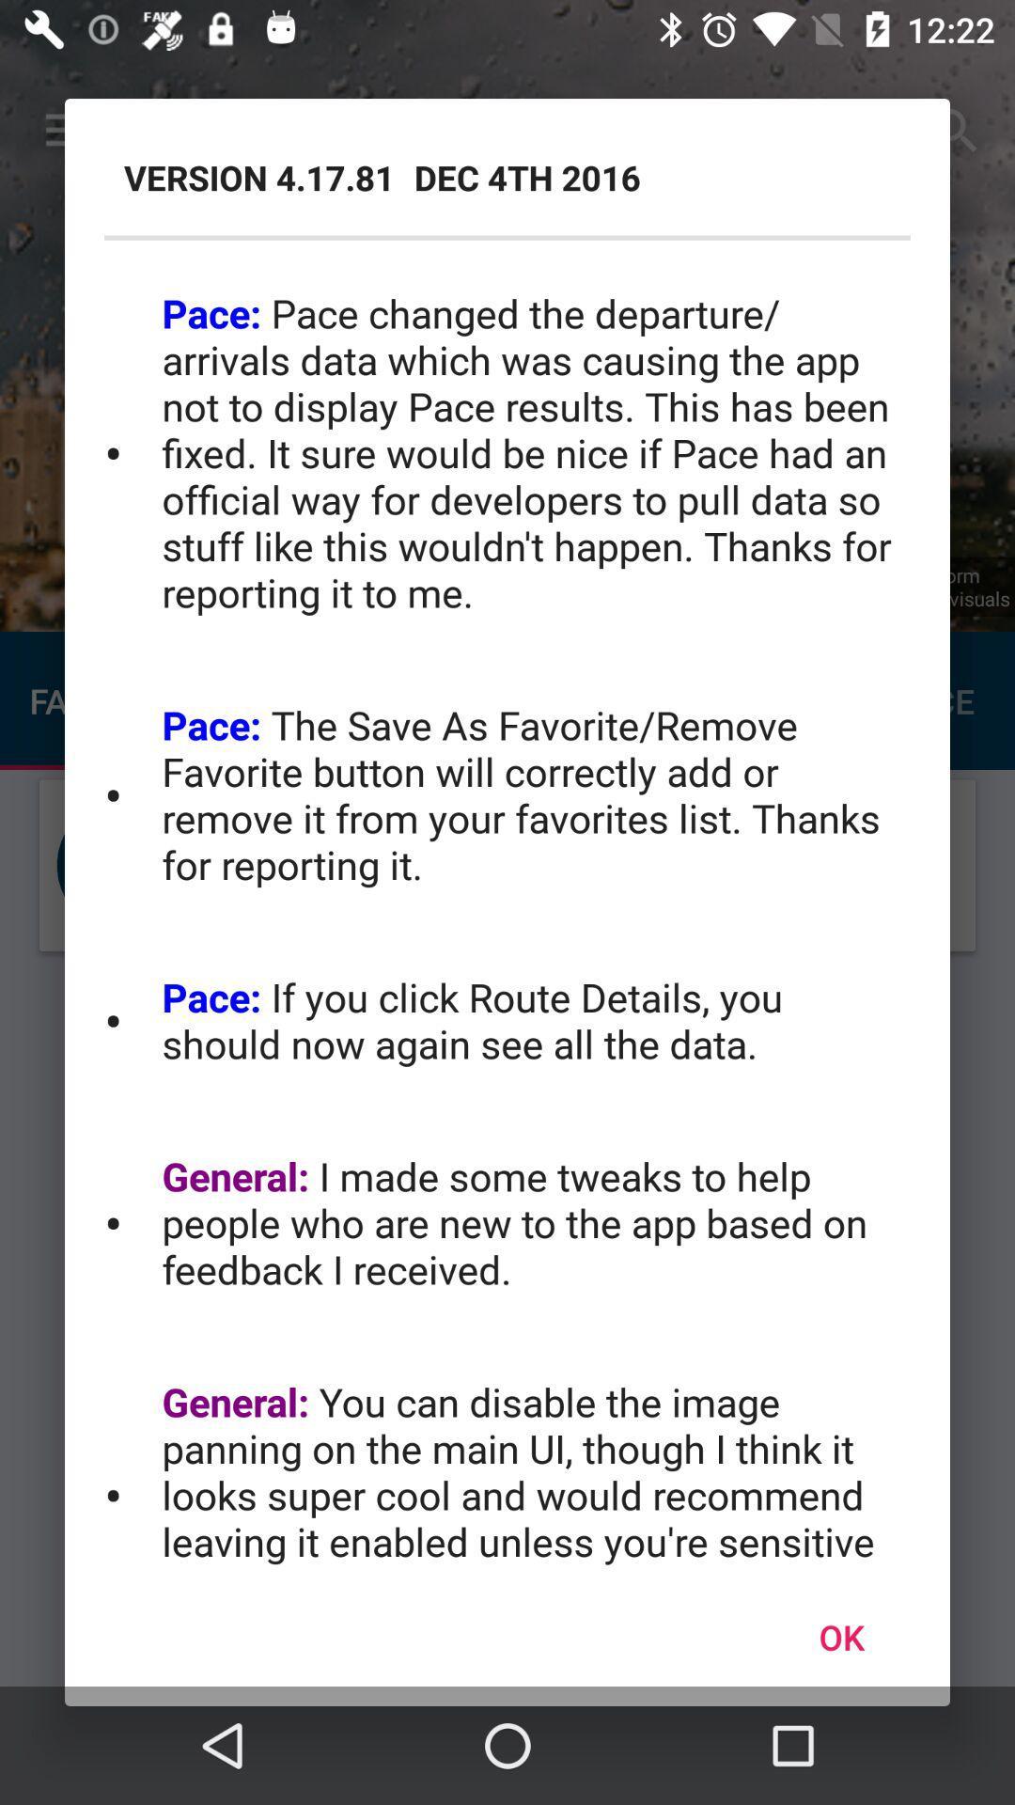 The image size is (1015, 1805). Describe the element at coordinates (840, 1636) in the screenshot. I see `icon at the bottom right corner` at that location.